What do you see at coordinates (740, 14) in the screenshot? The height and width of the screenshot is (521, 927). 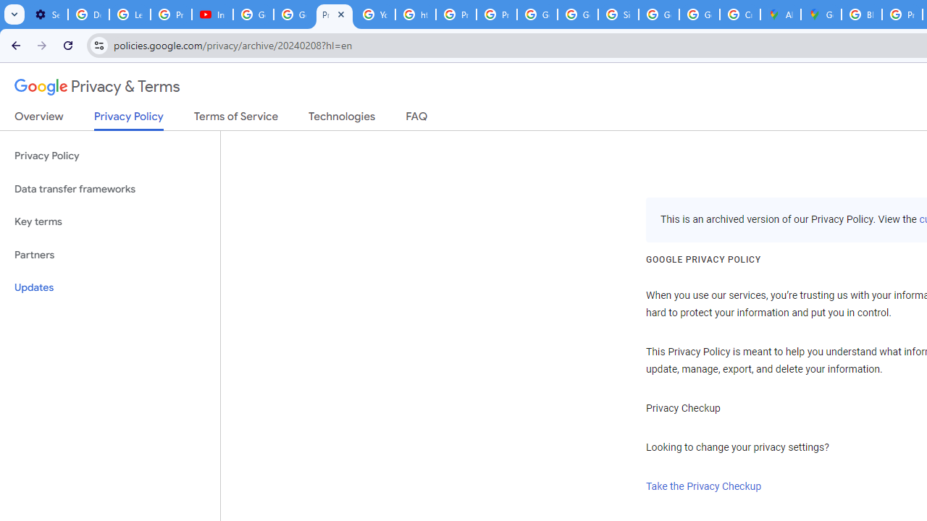 I see `'Create your Google Account'` at bounding box center [740, 14].